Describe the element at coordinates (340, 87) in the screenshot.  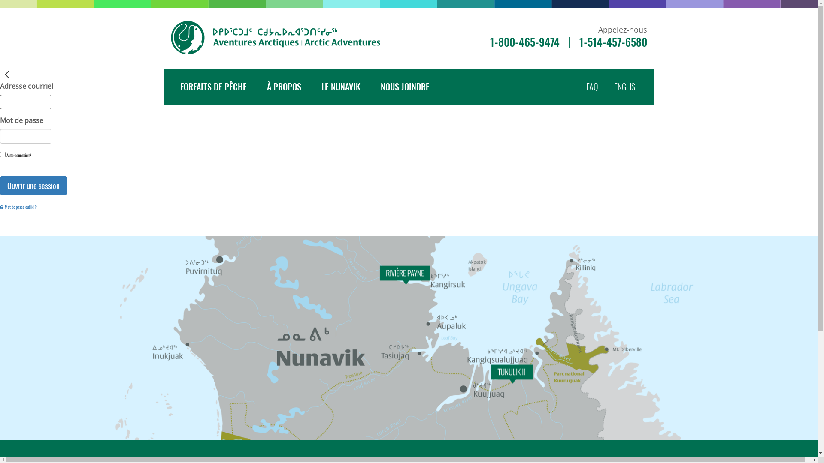
I see `'LE NUNAVIK'` at that location.